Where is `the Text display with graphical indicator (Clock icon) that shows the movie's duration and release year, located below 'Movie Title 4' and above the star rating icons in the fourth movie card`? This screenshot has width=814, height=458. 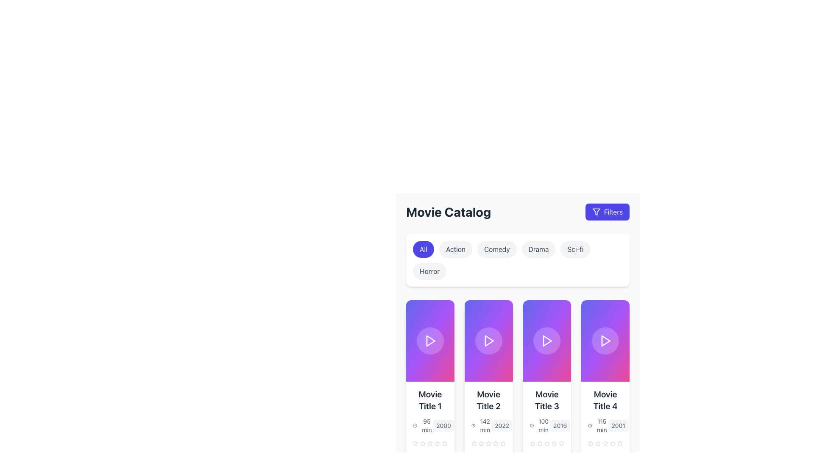 the Text display with graphical indicator (Clock icon) that shows the movie's duration and release year, located below 'Movie Title 4' and above the star rating icons in the fourth movie card is located at coordinates (605, 425).